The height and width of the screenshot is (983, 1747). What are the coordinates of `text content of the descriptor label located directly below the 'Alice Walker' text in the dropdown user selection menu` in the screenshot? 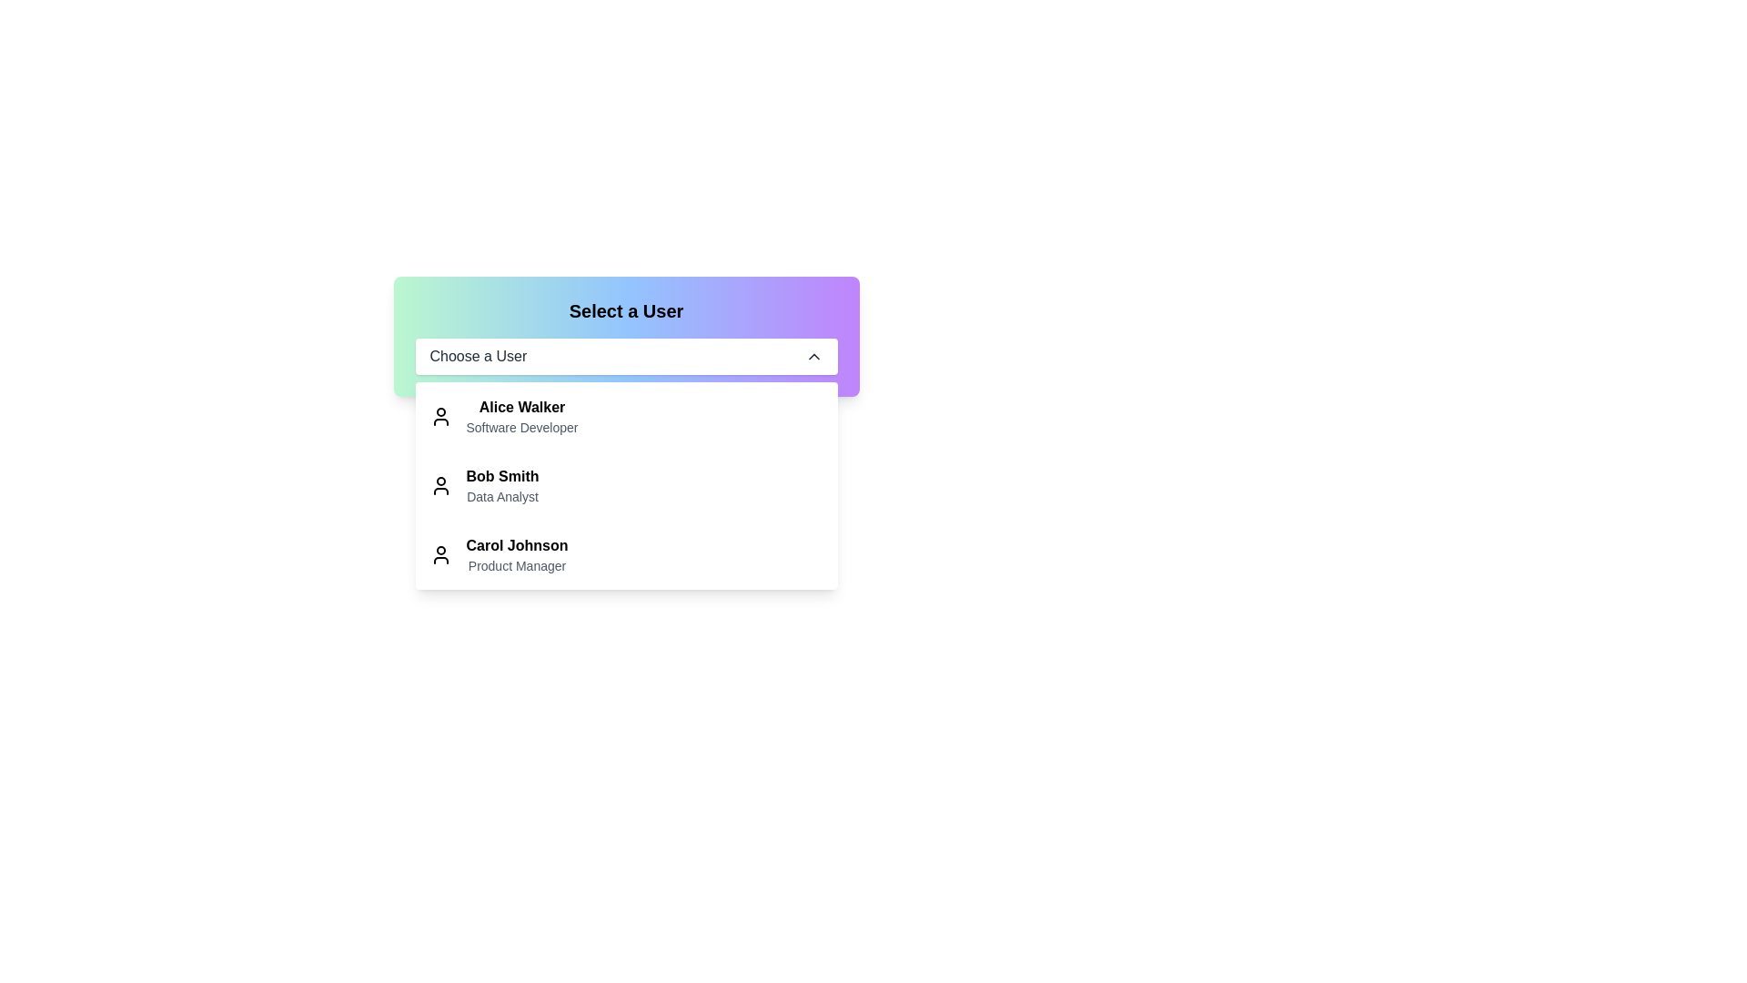 It's located at (520, 428).